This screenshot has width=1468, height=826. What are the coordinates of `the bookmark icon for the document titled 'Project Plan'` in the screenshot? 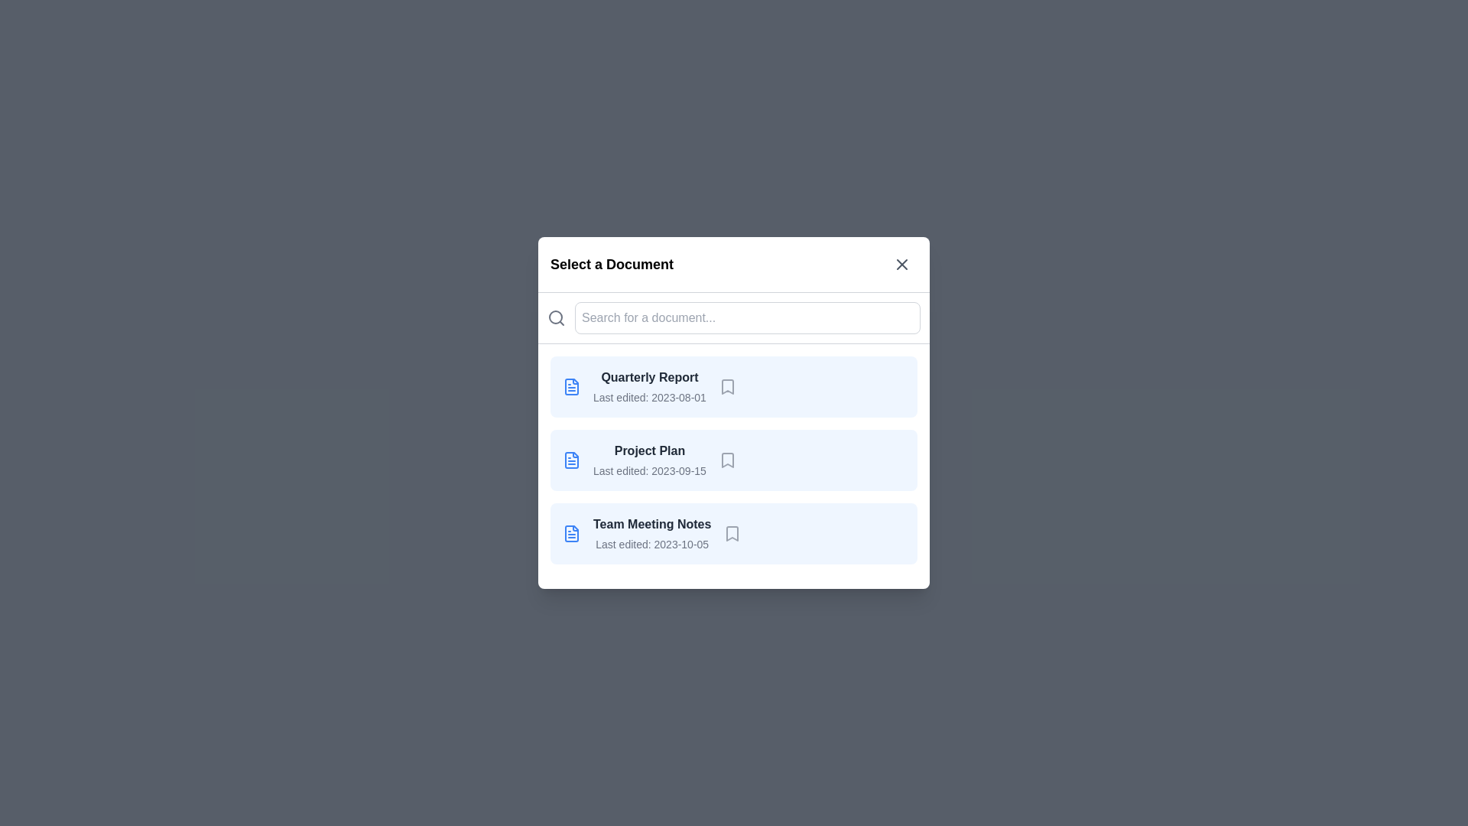 It's located at (726, 459).